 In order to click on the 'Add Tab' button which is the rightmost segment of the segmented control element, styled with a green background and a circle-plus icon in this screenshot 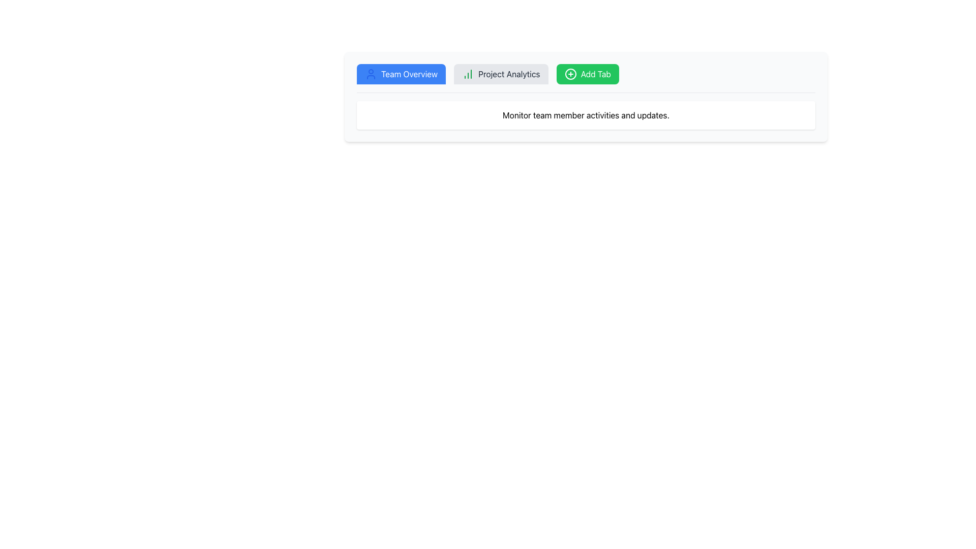, I will do `click(586, 78)`.